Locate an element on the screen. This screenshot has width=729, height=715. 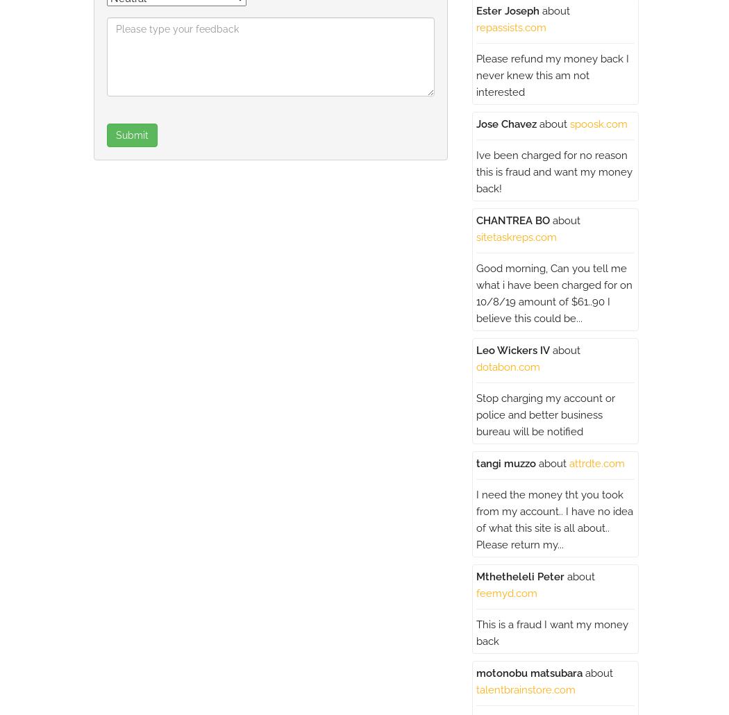
'CHANTREA BO' is located at coordinates (476, 219).